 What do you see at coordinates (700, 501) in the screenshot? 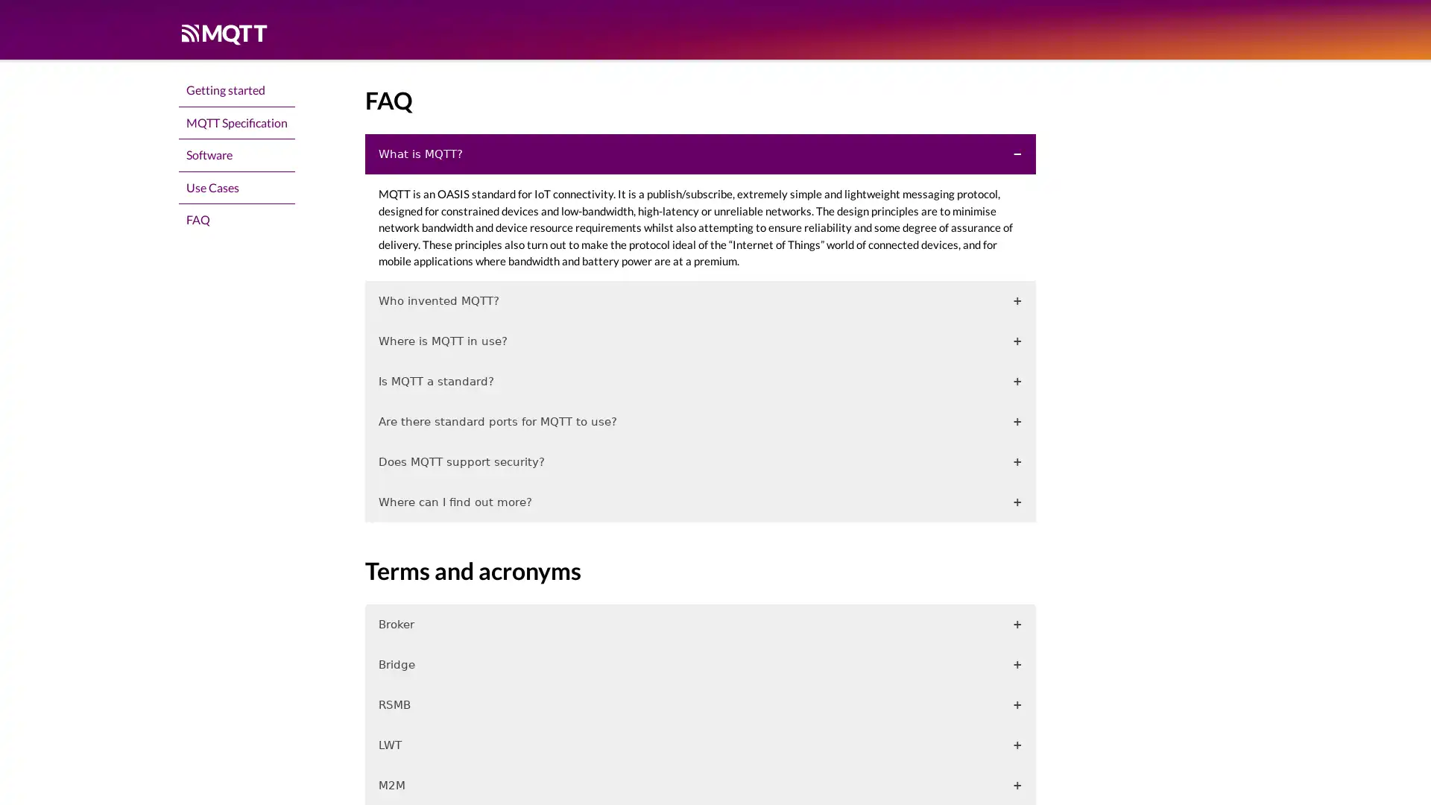
I see `Where can I find out more? +` at bounding box center [700, 501].